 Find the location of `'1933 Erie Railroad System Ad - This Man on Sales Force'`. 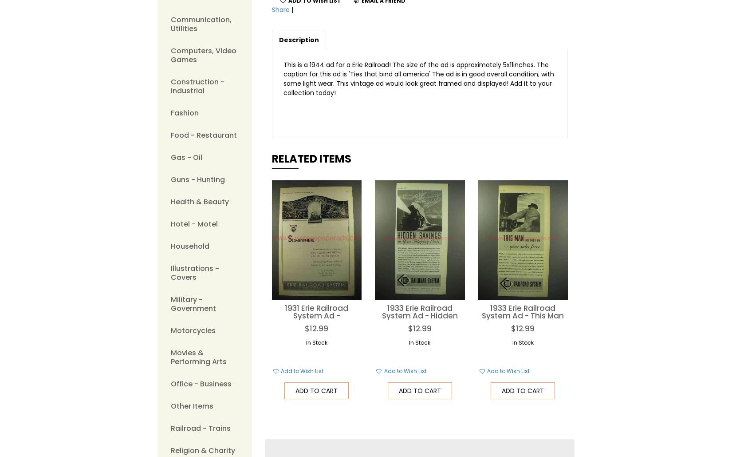

'1933 Erie Railroad System Ad - This Man on Sales Force' is located at coordinates (482, 315).